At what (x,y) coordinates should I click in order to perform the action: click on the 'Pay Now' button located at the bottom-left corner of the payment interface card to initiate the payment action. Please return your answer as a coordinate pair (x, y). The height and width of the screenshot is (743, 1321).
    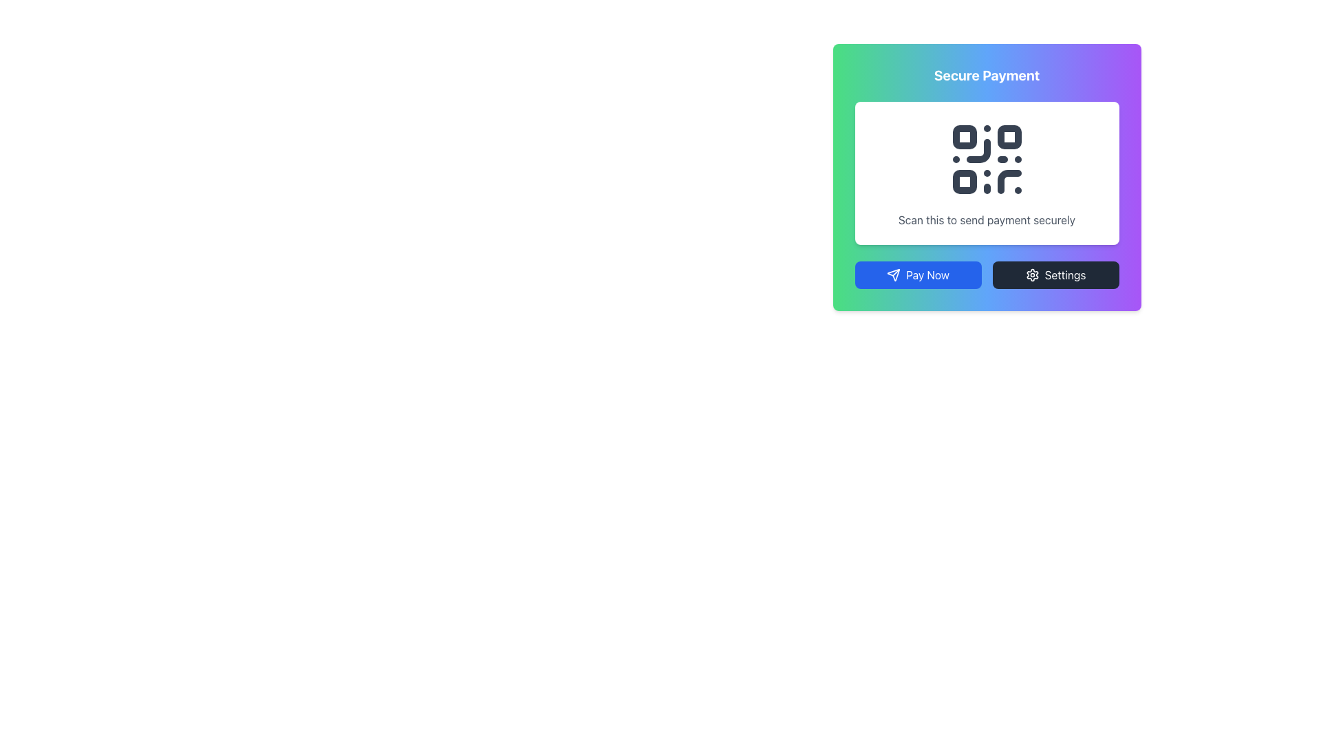
    Looking at the image, I should click on (894, 275).